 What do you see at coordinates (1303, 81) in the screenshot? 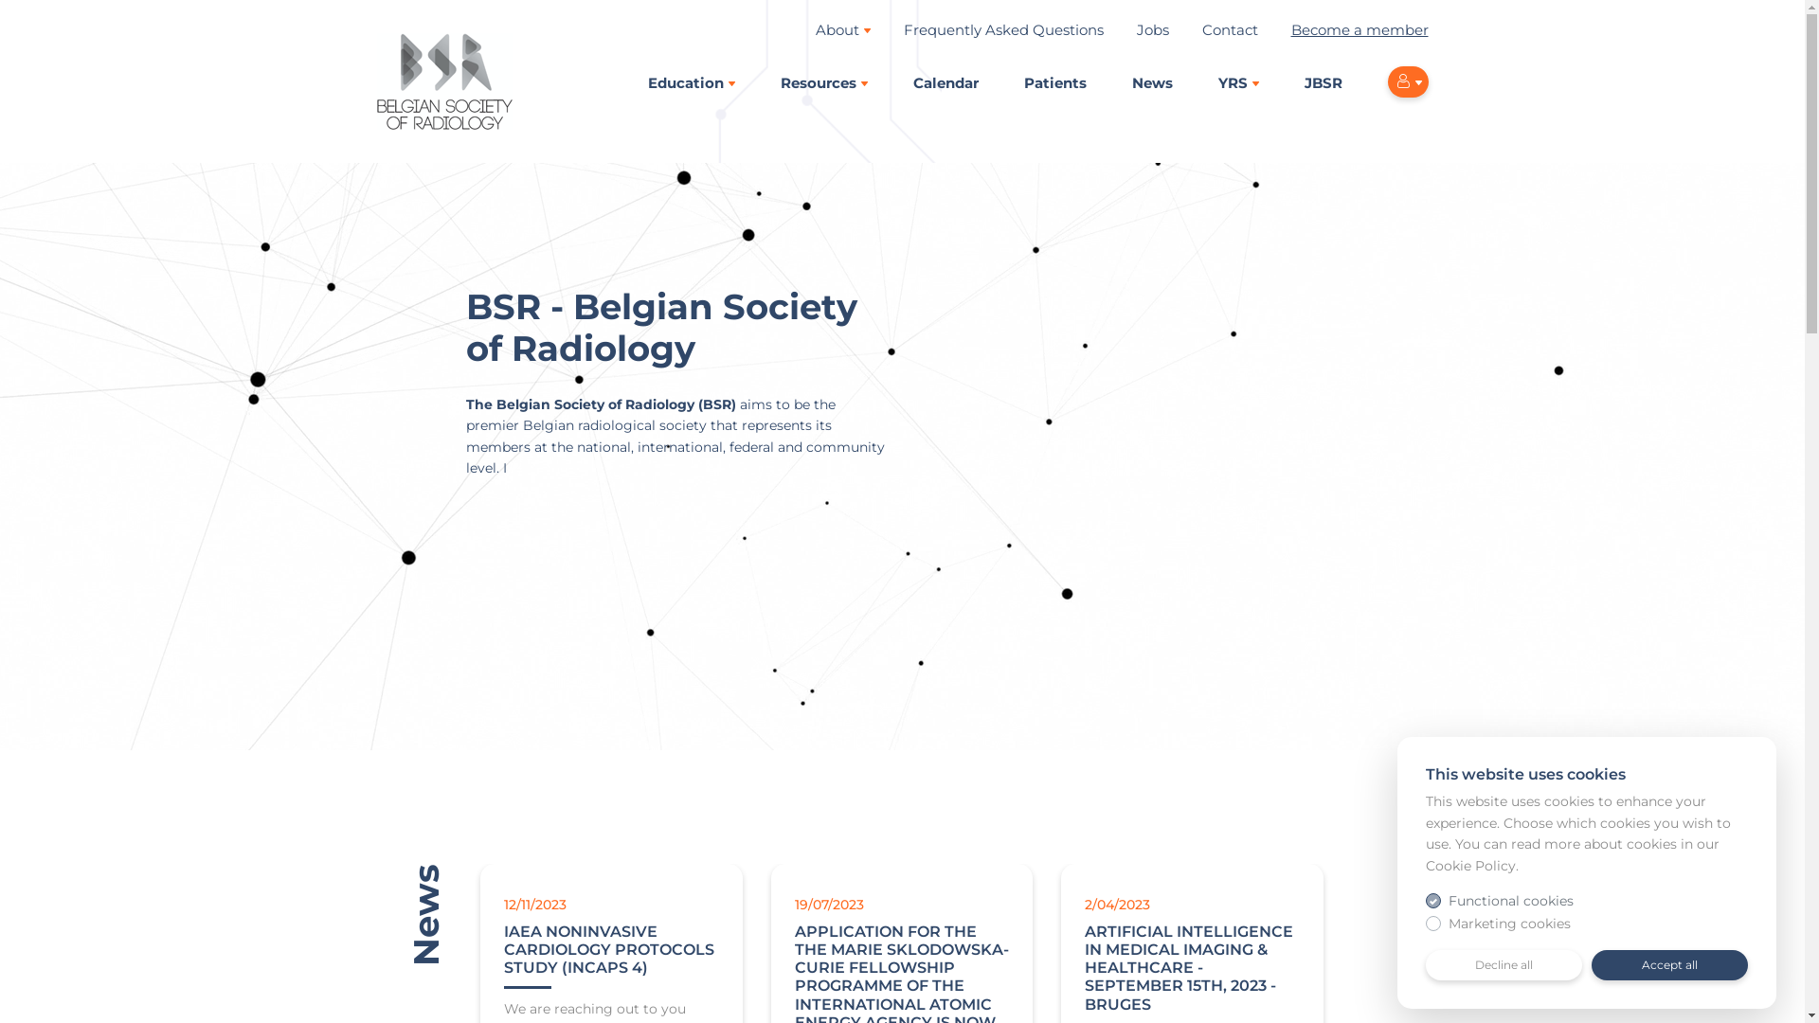
I see `'JBSR'` at bounding box center [1303, 81].